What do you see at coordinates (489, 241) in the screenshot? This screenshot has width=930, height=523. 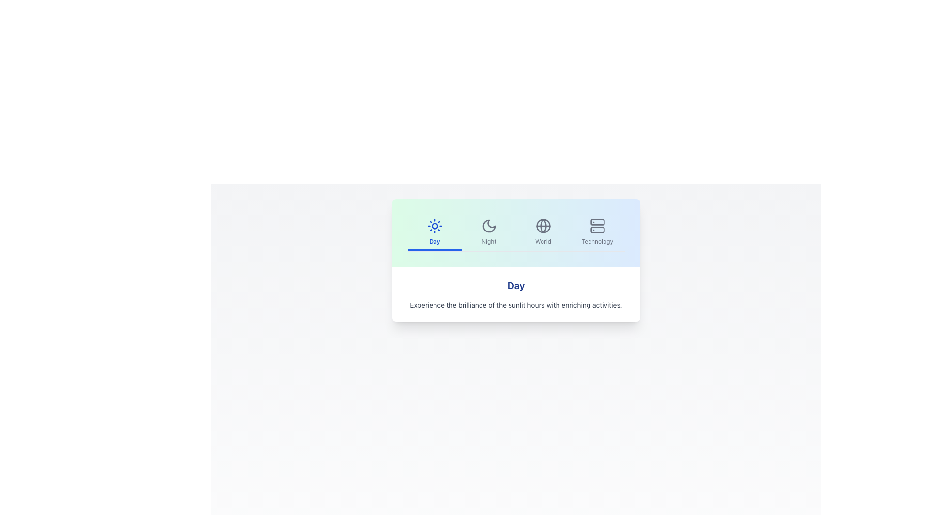 I see `the text label for the 'Night' tab, which is positioned below the moon-shaped icon in a multi-tab layout` at bounding box center [489, 241].